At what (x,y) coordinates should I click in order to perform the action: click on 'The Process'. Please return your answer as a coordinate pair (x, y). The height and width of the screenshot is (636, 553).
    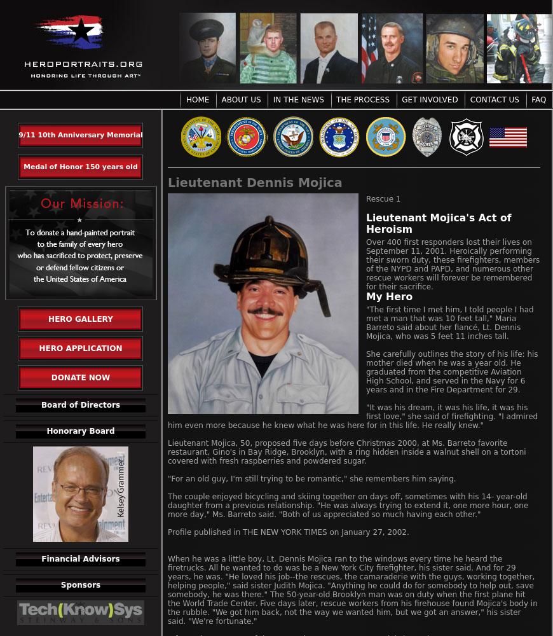
    Looking at the image, I should click on (362, 100).